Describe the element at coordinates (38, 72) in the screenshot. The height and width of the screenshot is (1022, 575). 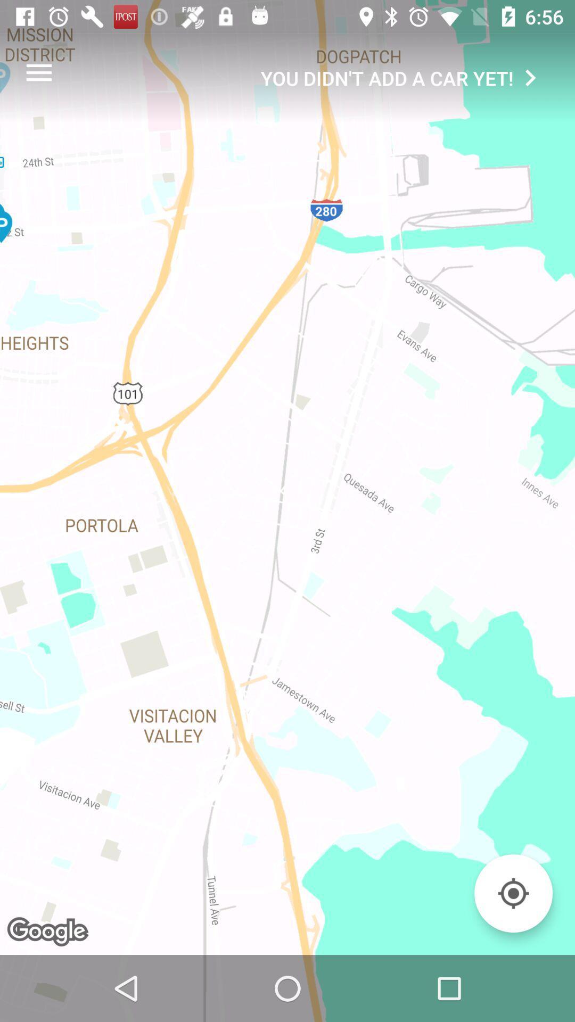
I see `the icon next to you didn t item` at that location.